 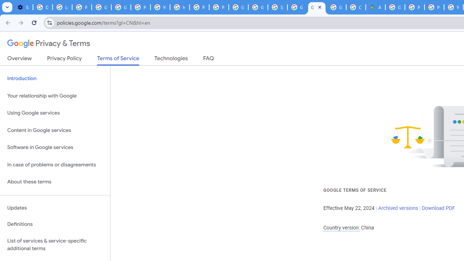 I want to click on 'Your relationship with Google', so click(x=55, y=95).